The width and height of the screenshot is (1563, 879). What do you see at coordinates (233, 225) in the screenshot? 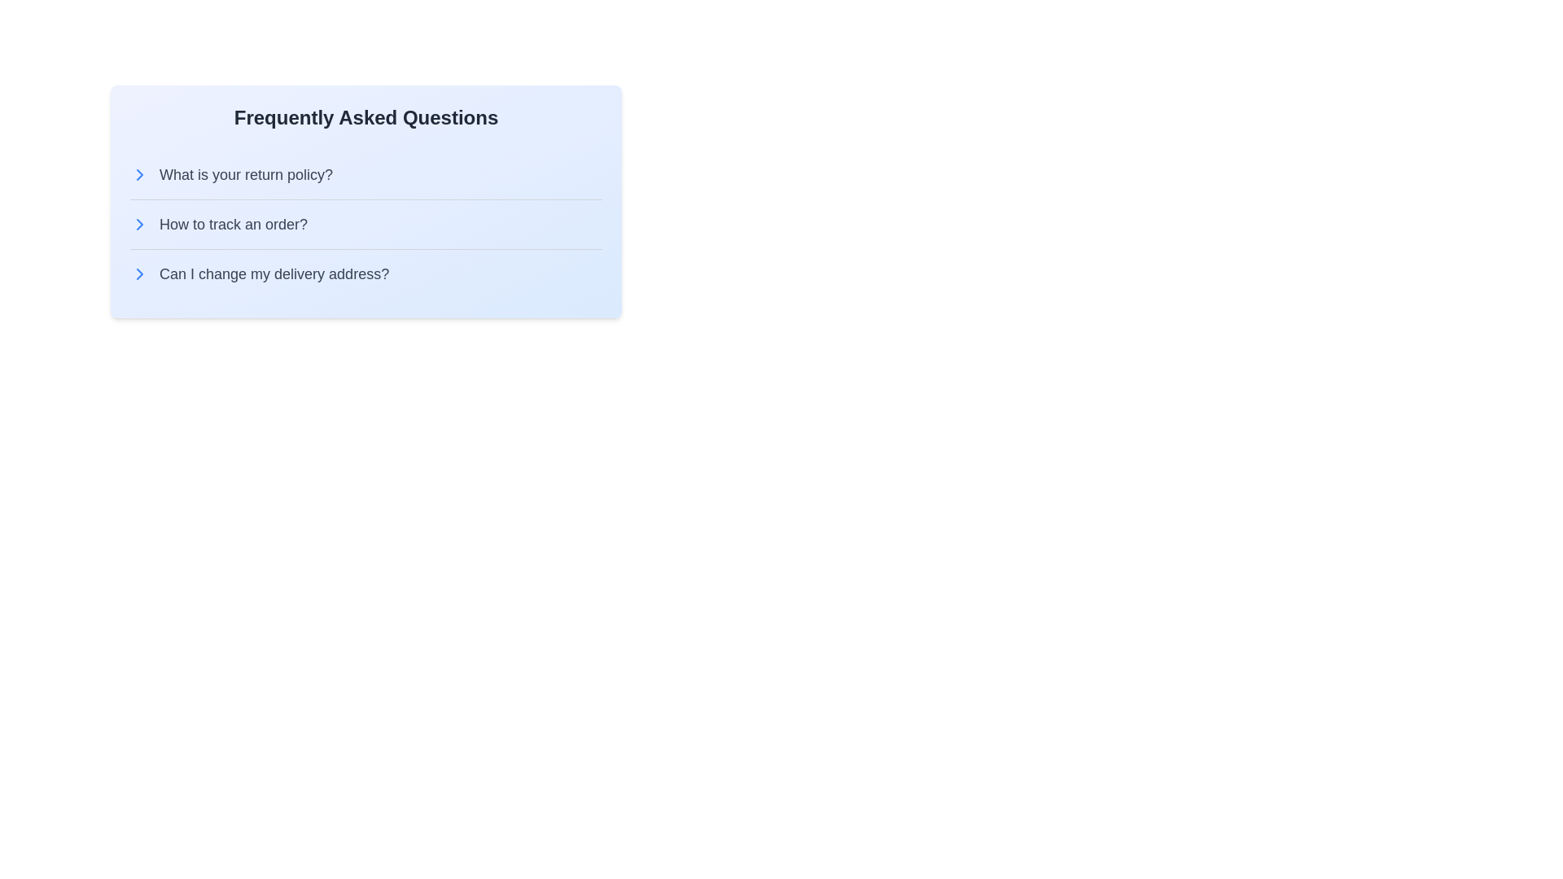
I see `the text label that reads 'How to track an order?' which is styled in medium gray and is the second item in the Frequently Asked Questions list` at bounding box center [233, 225].